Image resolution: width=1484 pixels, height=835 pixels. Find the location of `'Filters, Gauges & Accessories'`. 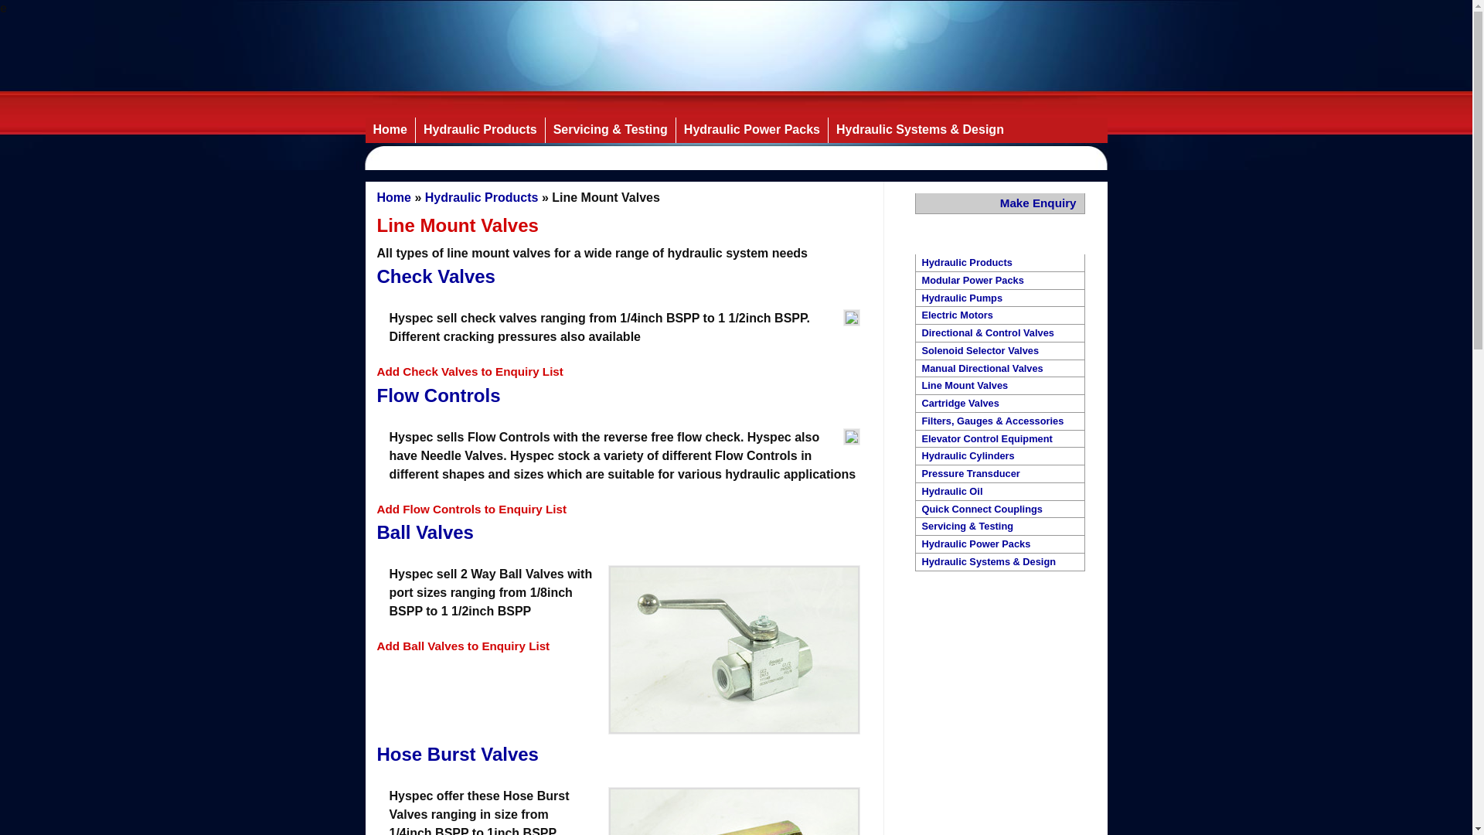

'Filters, Gauges & Accessories' is located at coordinates (999, 421).